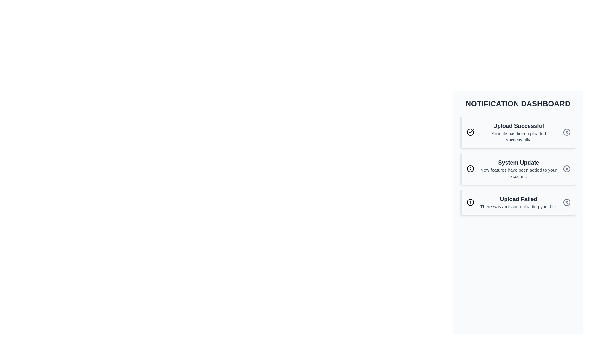 The image size is (607, 341). What do you see at coordinates (518, 126) in the screenshot?
I see `bold title text 'Upload Successful' displayed in the notification card at the top of the Notification Dashboard` at bounding box center [518, 126].